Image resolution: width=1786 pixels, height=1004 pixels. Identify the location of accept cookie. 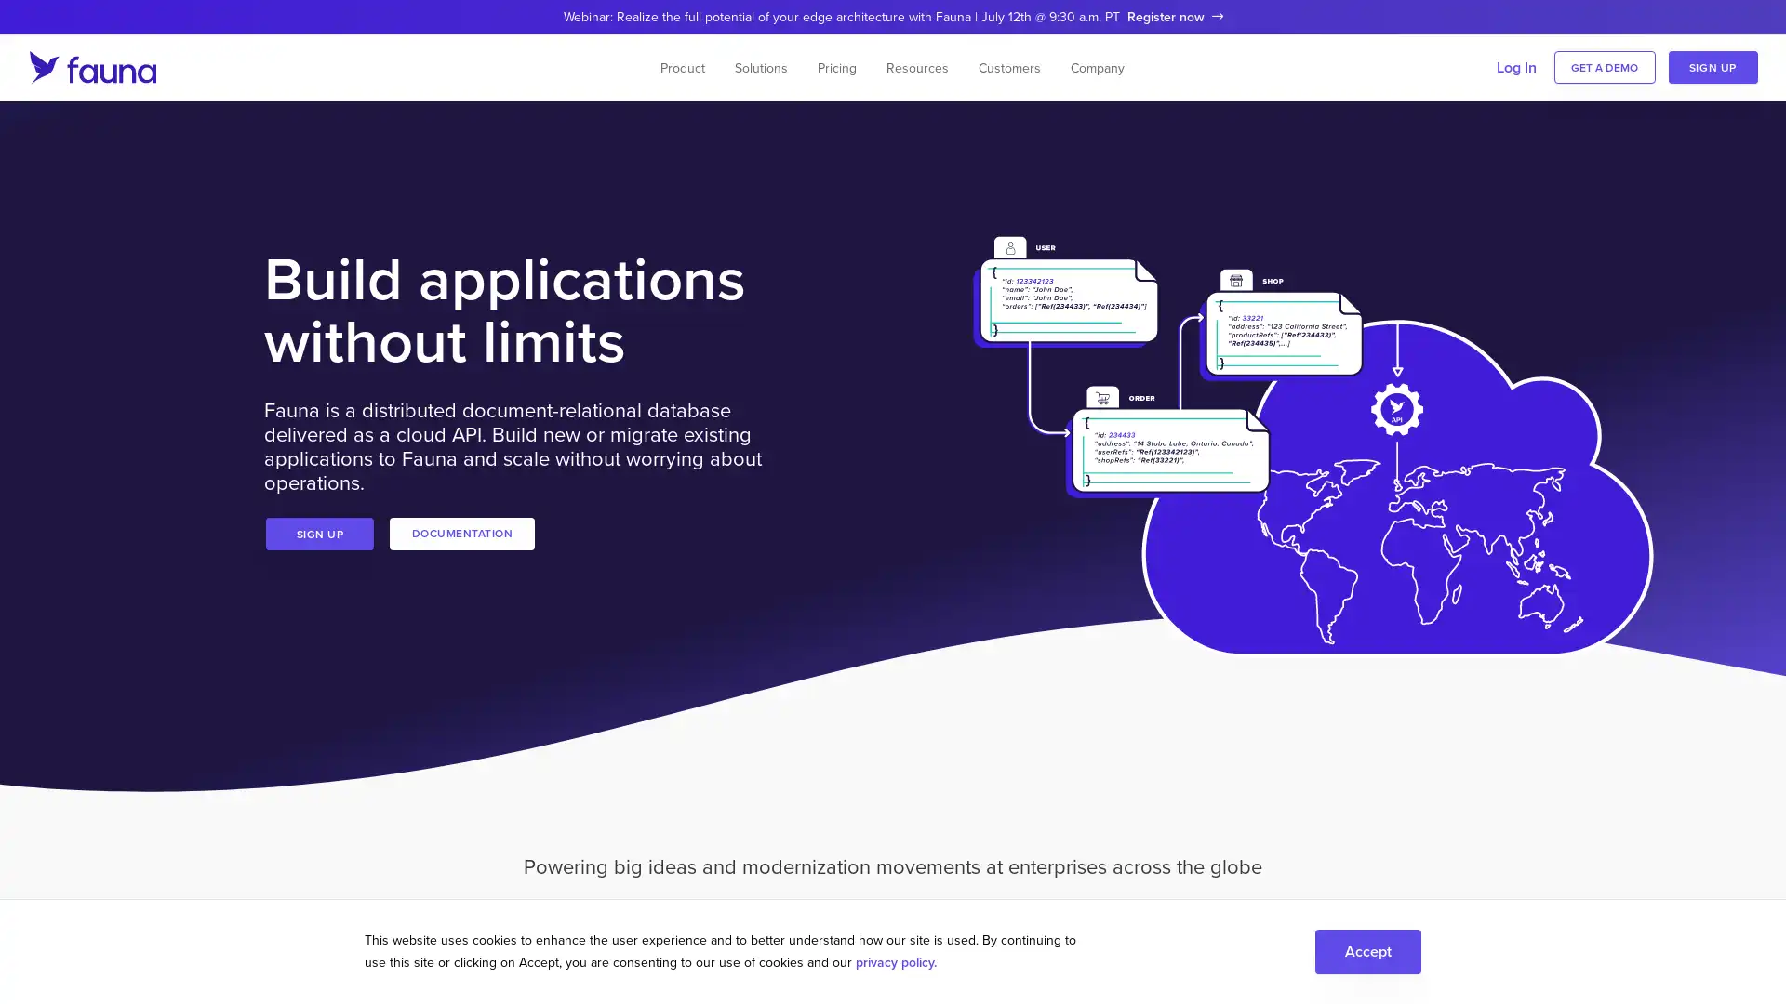
(1367, 950).